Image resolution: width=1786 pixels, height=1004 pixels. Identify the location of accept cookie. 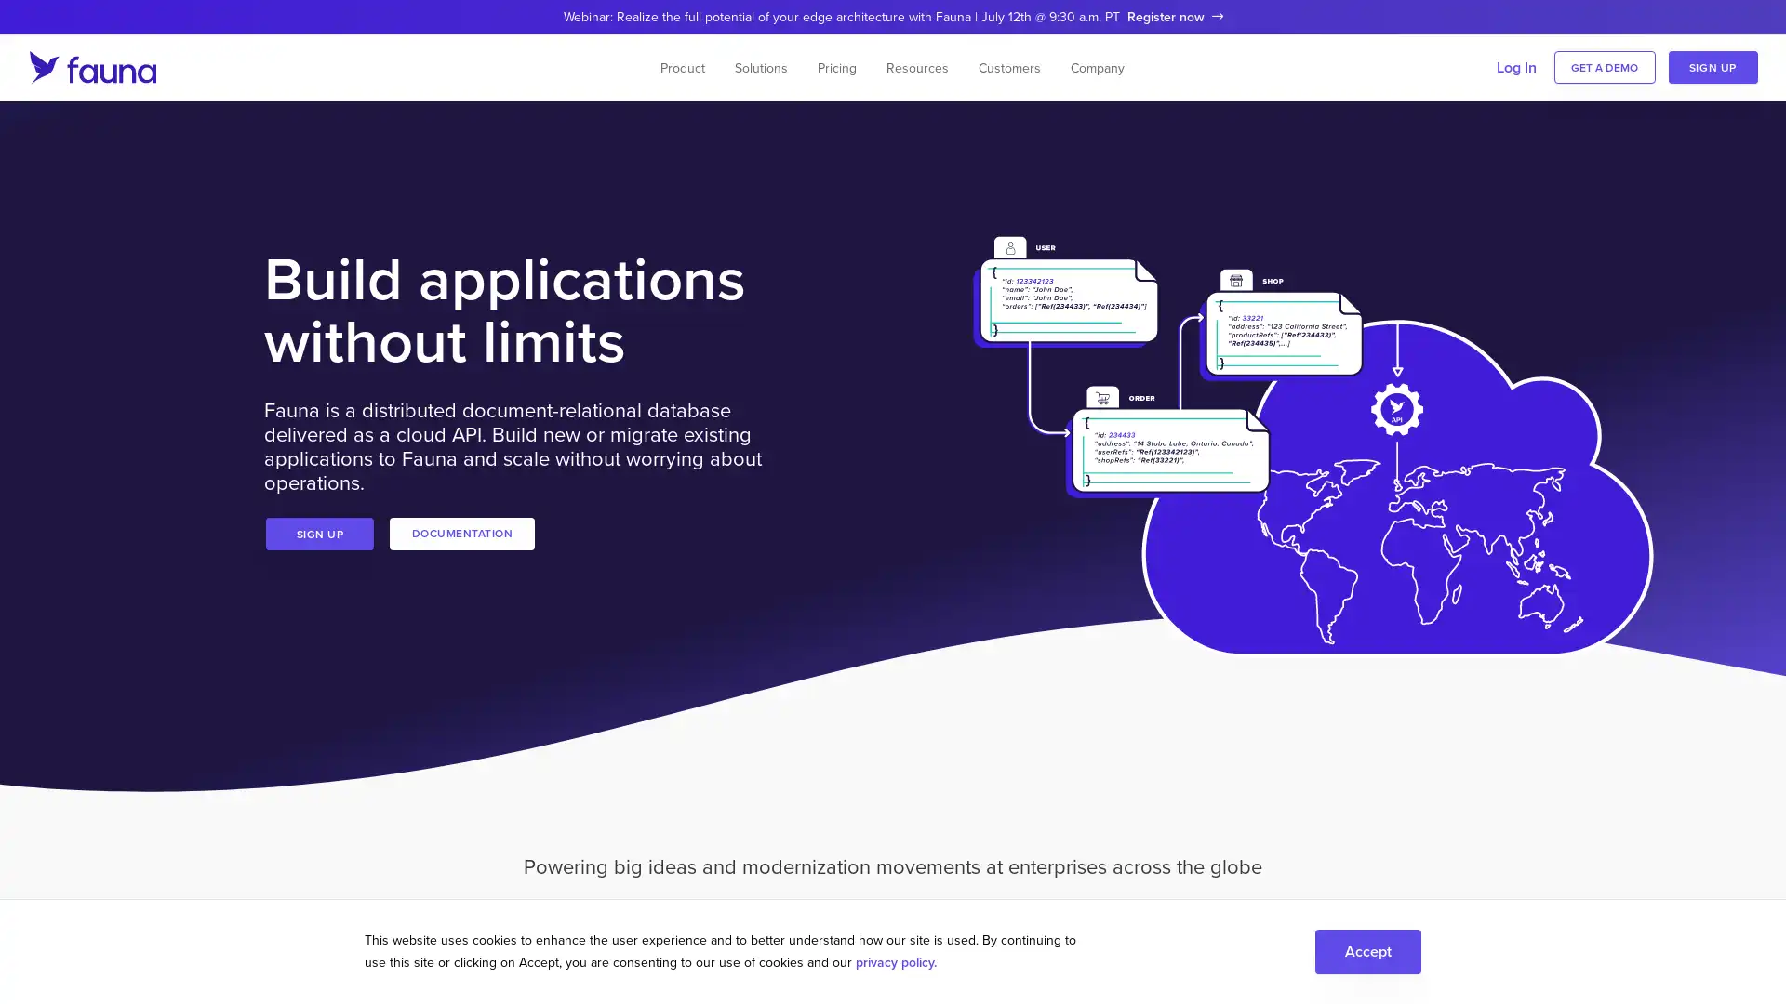
(1367, 950).